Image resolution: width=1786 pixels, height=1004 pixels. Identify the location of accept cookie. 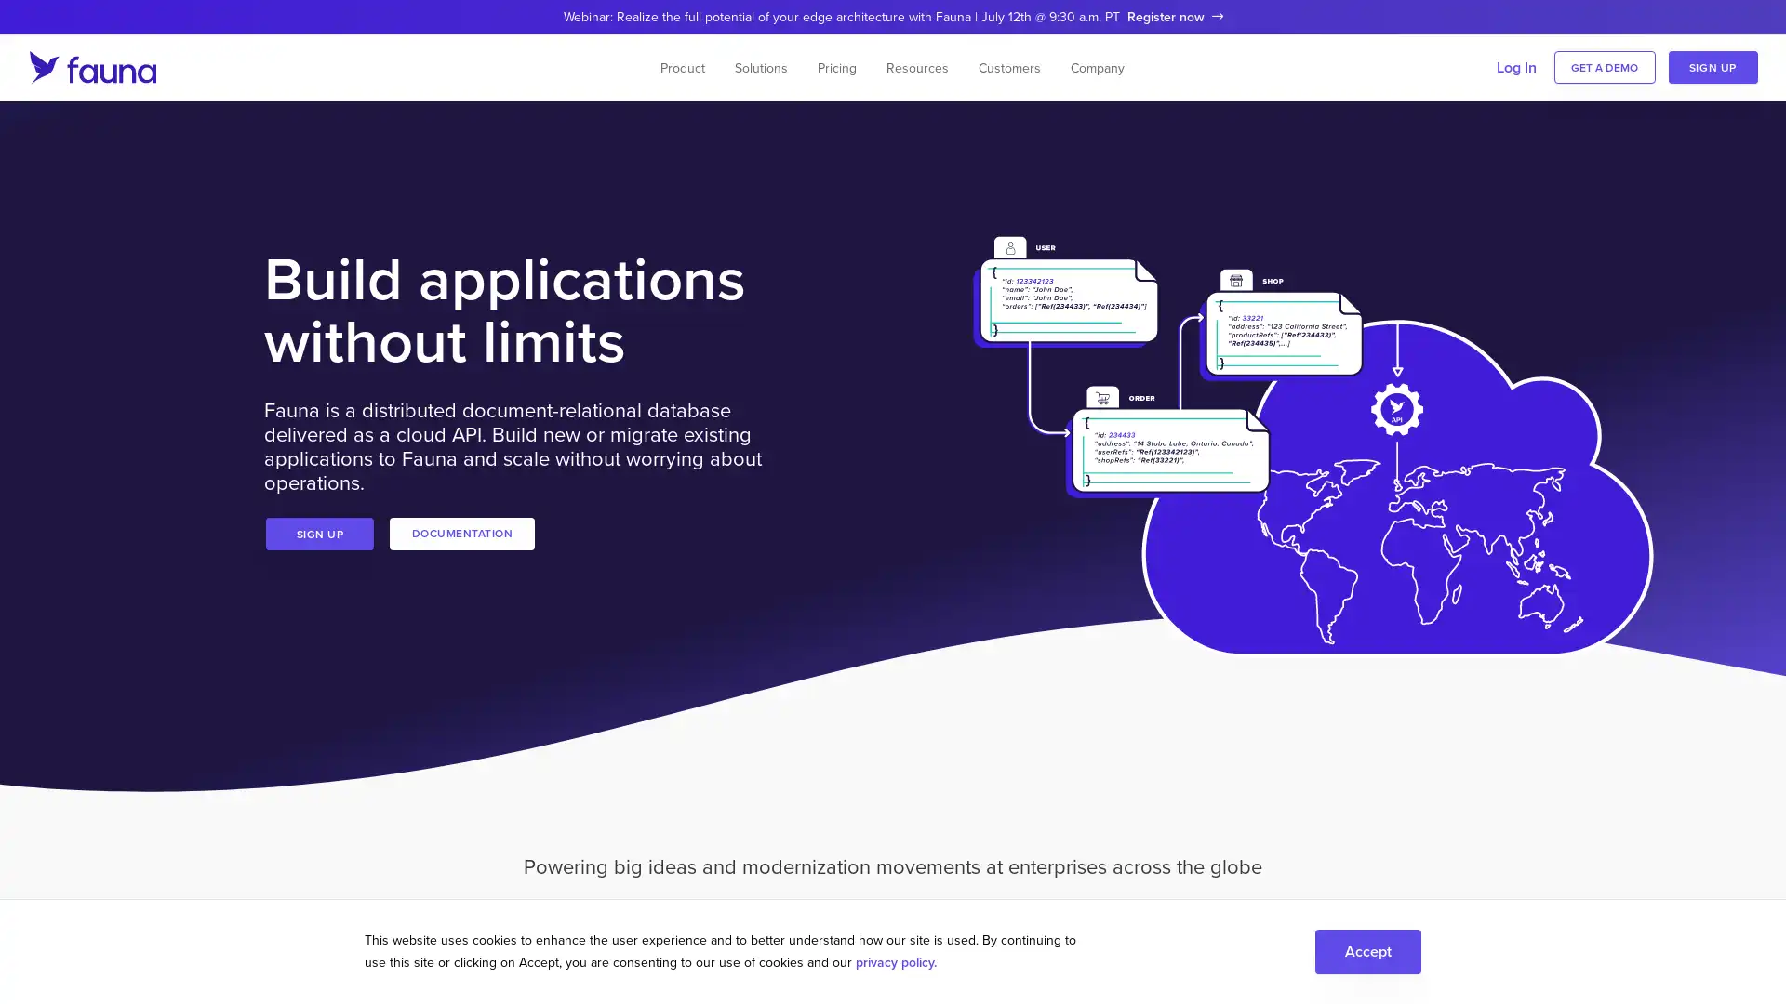
(1367, 950).